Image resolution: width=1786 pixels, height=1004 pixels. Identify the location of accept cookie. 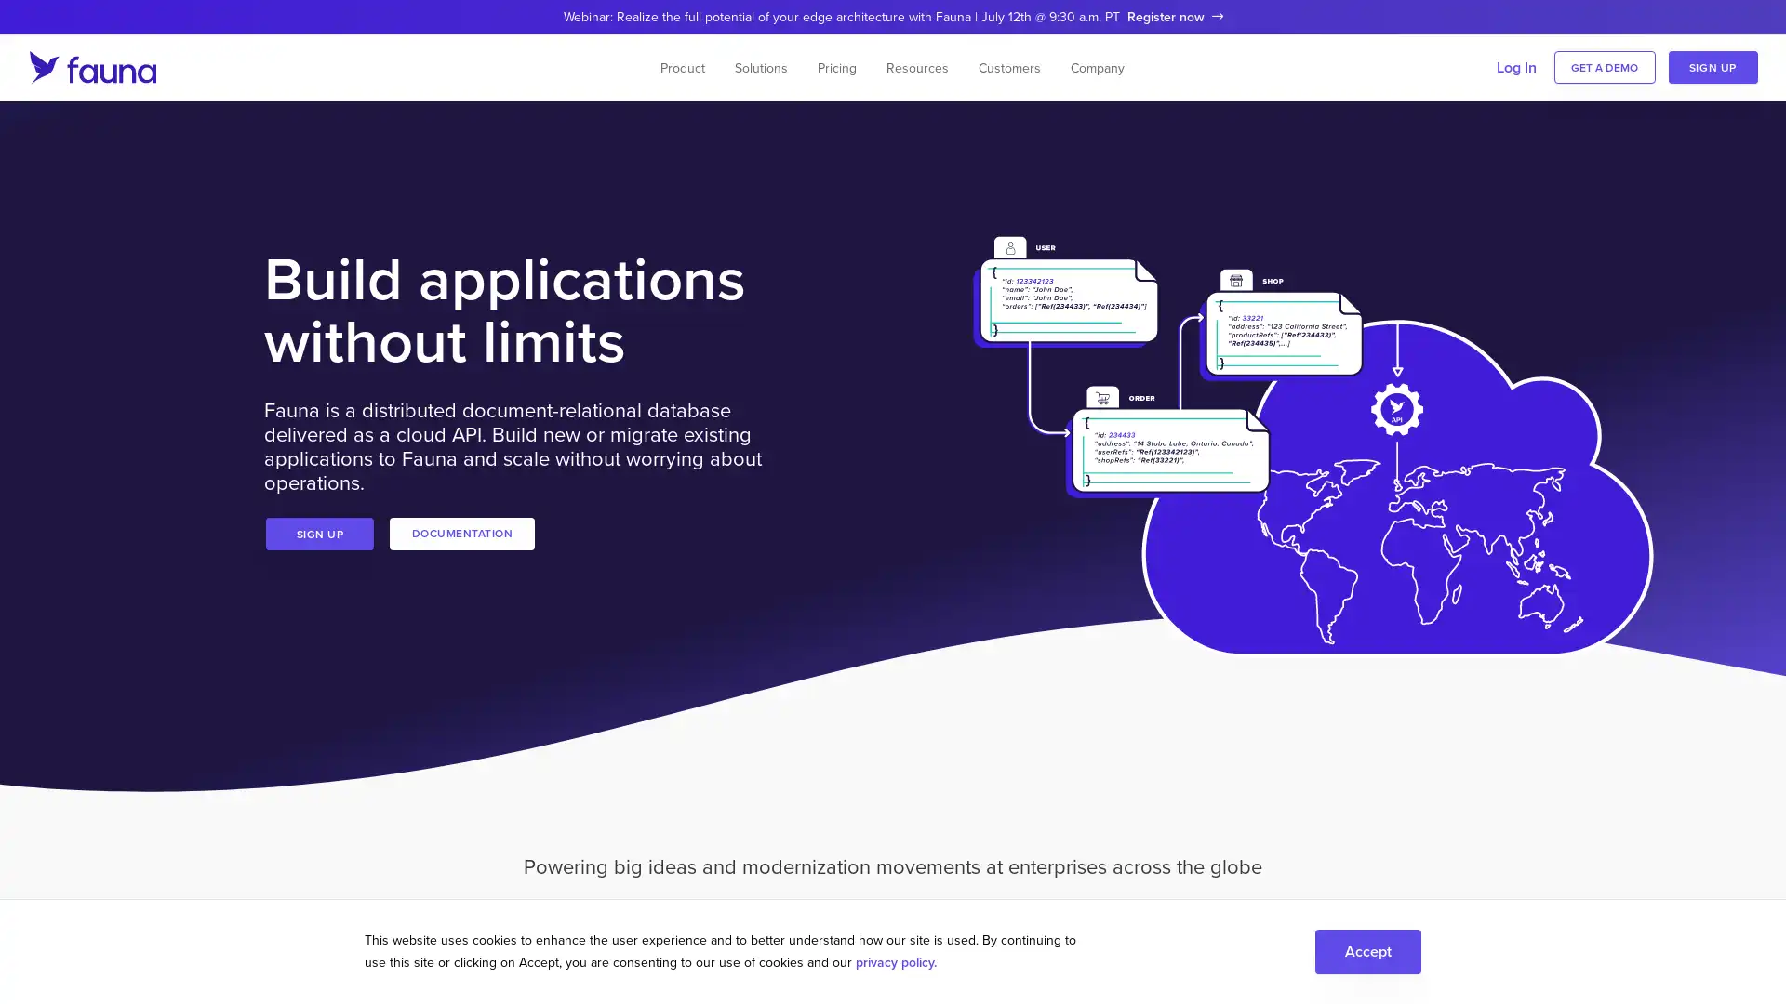
(1367, 950).